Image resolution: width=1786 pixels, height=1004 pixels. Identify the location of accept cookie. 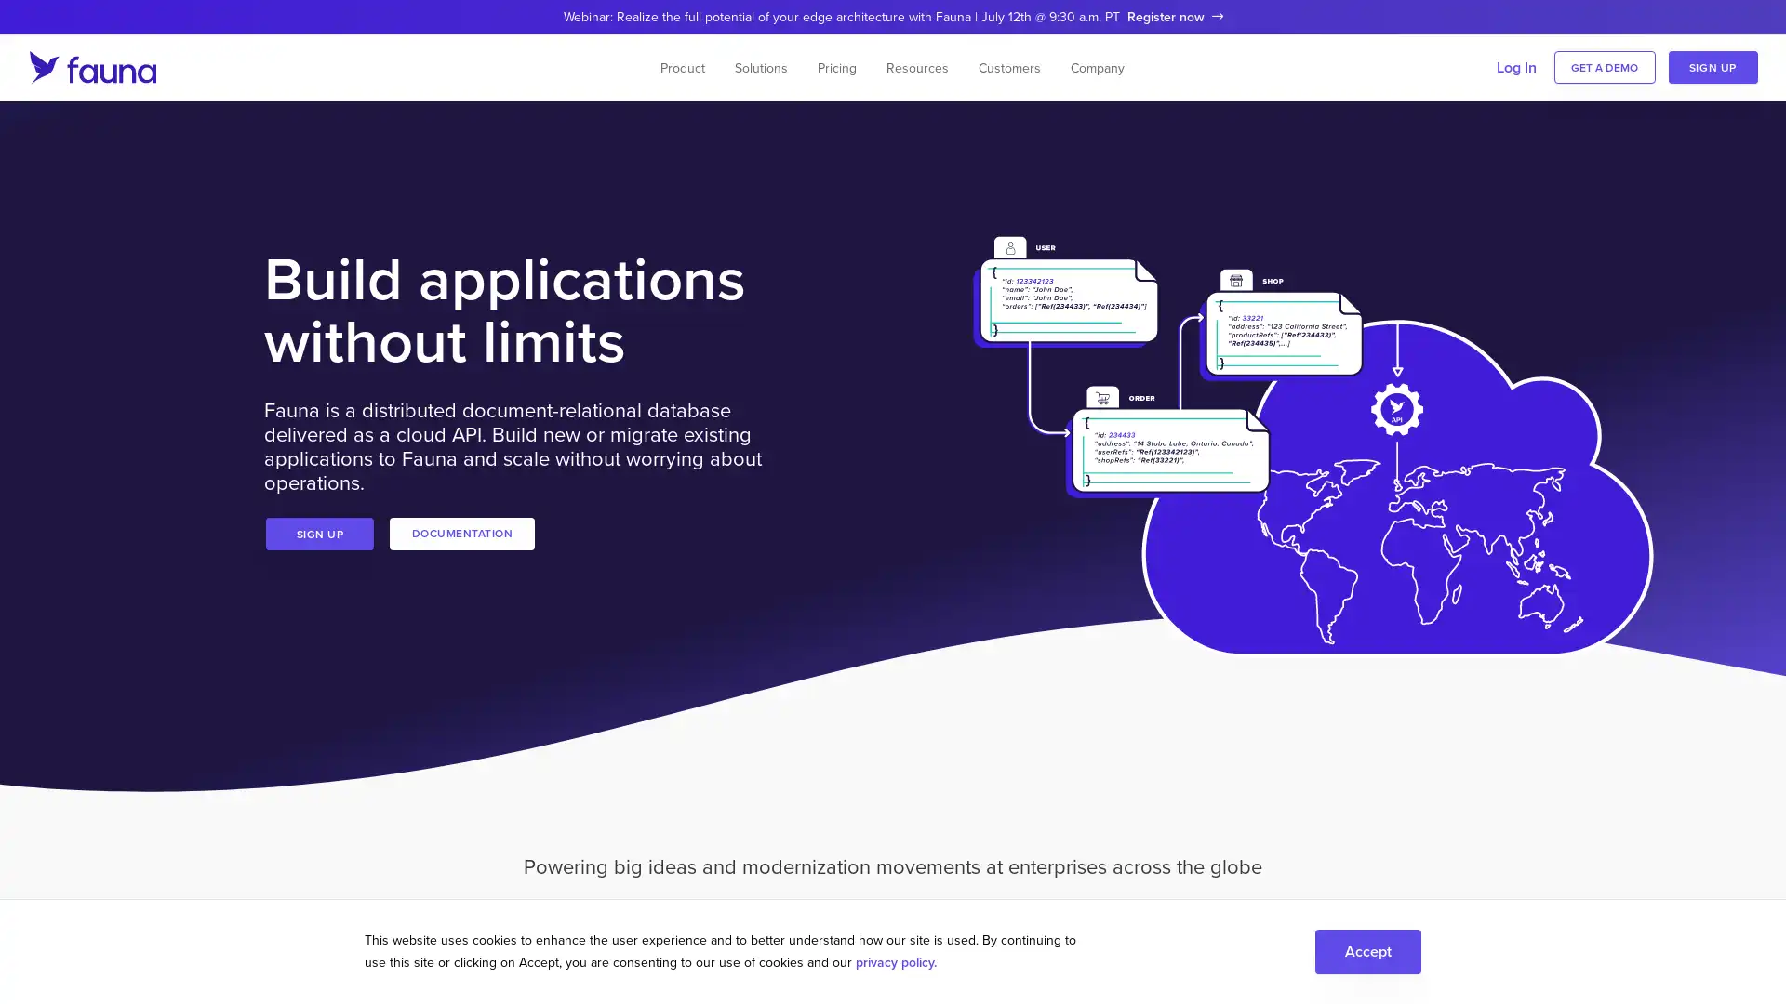
(1367, 950).